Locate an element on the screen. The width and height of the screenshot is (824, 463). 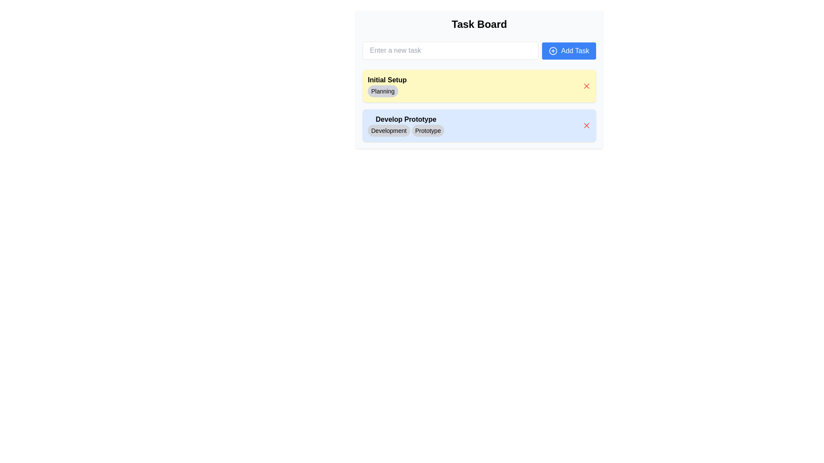
the red cross (X) button located in the top-right corner of the 'Develop Prototype' section is located at coordinates (586, 126).